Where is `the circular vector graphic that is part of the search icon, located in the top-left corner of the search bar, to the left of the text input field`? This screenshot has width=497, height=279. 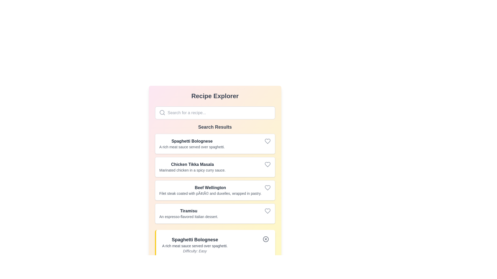 the circular vector graphic that is part of the search icon, located in the top-left corner of the search bar, to the left of the text input field is located at coordinates (162, 112).